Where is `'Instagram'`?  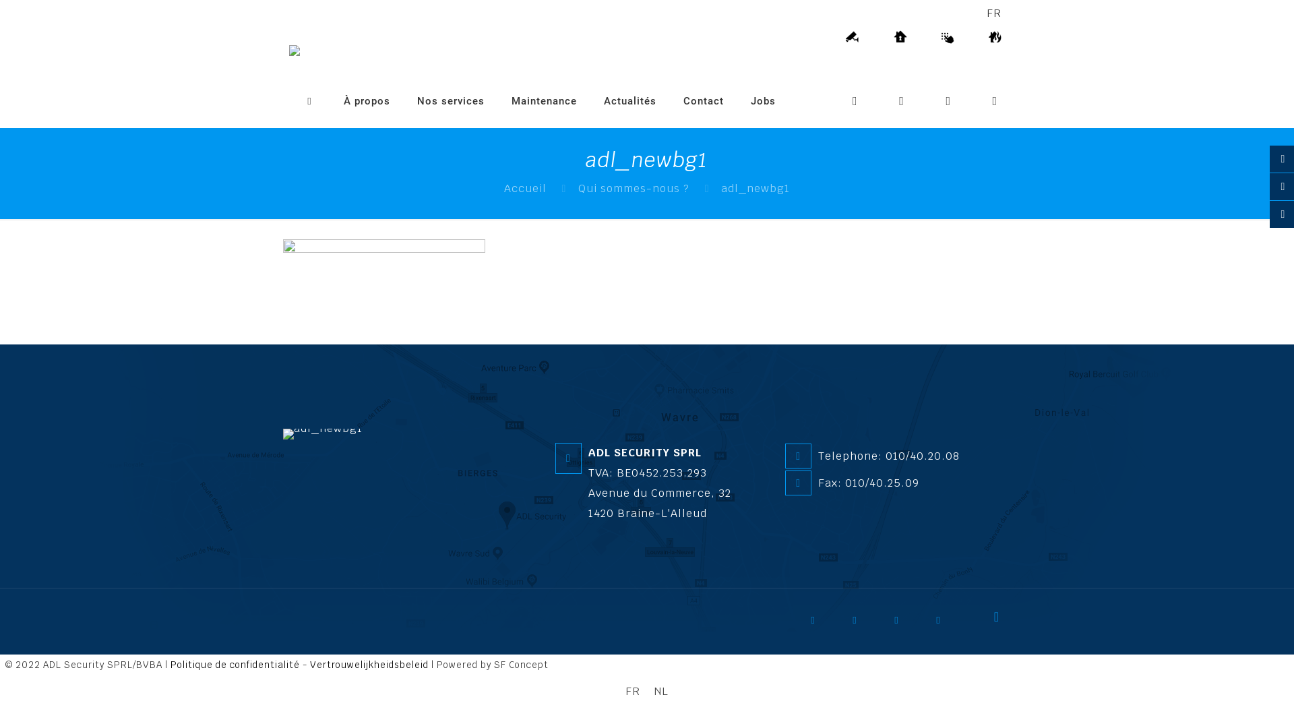
'Instagram' is located at coordinates (931, 624).